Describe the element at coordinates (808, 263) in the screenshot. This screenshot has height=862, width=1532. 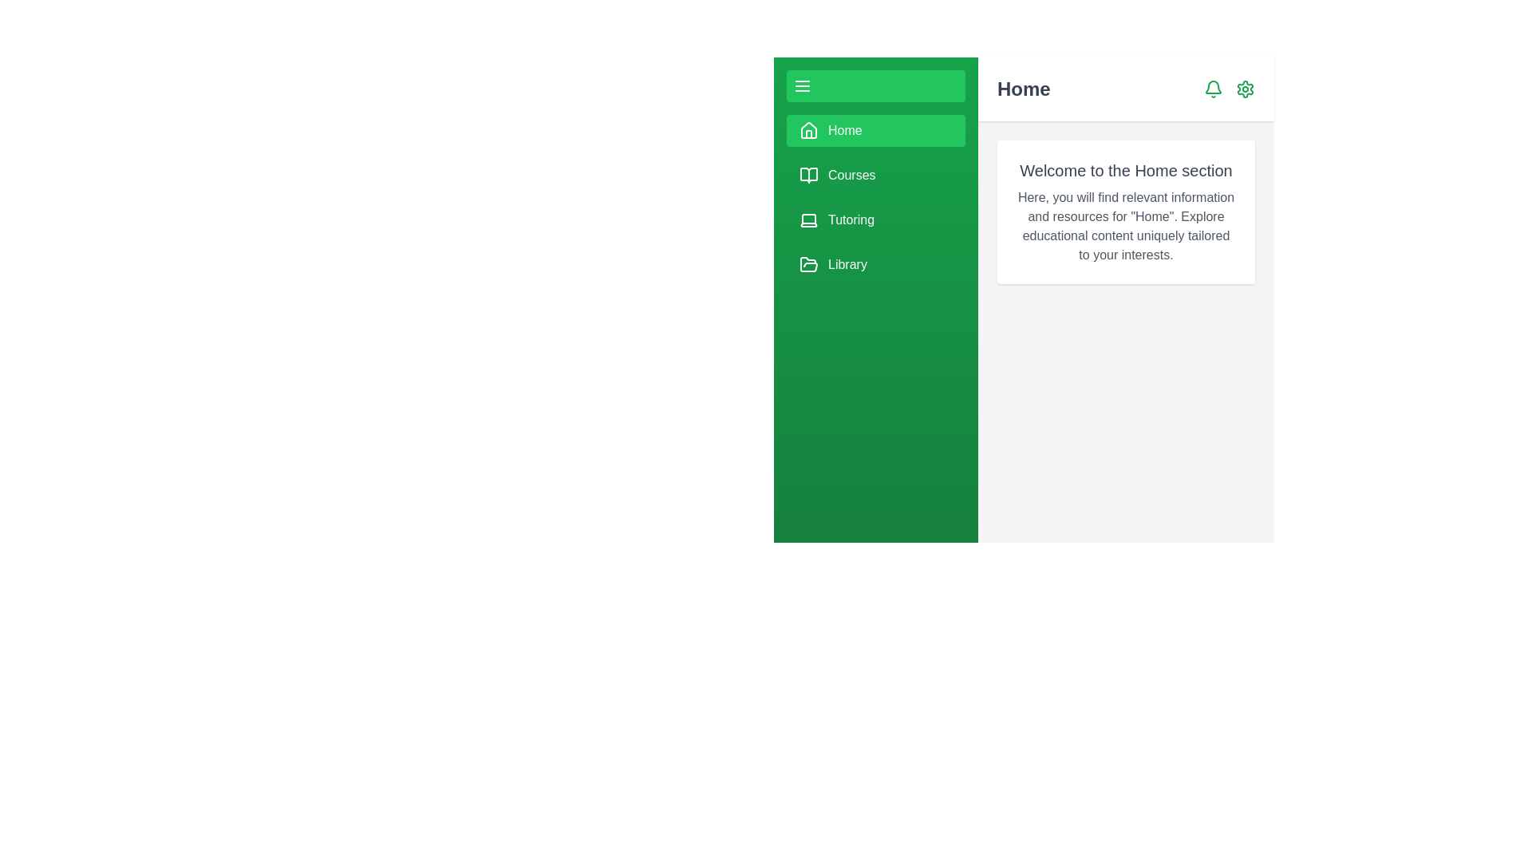
I see `the SVG graphic element resembling an abstract folder icon located in the interactive menu to the right of the sidebar` at that location.